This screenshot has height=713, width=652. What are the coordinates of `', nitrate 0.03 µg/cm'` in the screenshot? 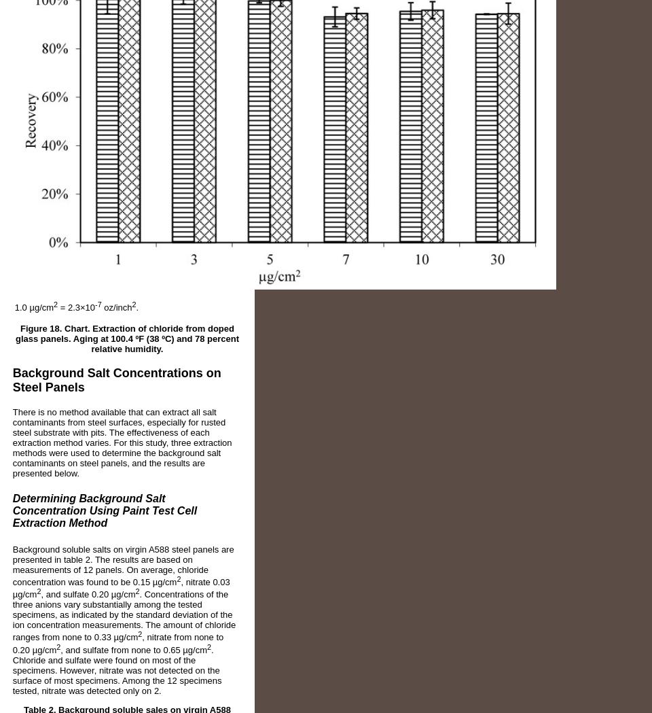 It's located at (120, 588).